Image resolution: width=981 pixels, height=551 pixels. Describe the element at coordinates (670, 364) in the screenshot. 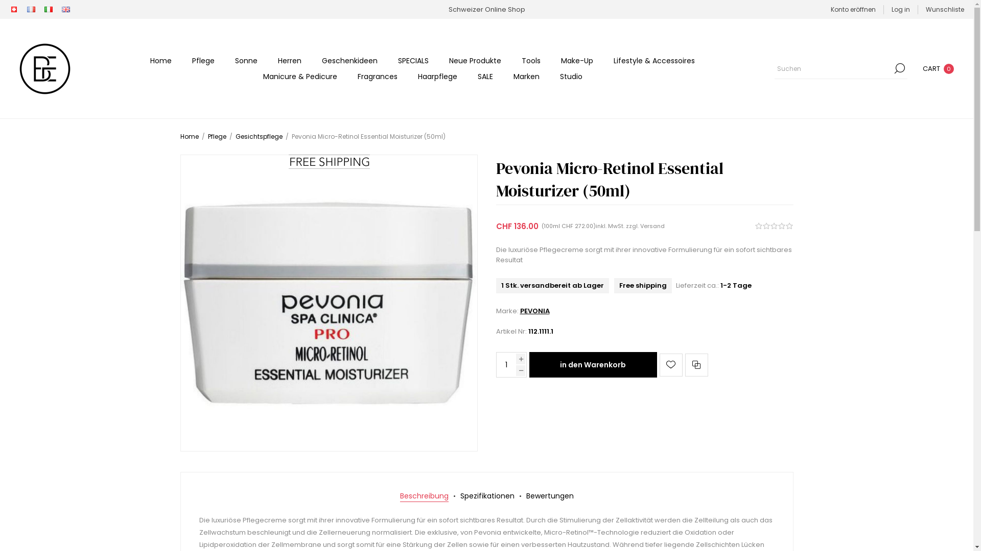

I see `'Auf die Wunschliste'` at that location.